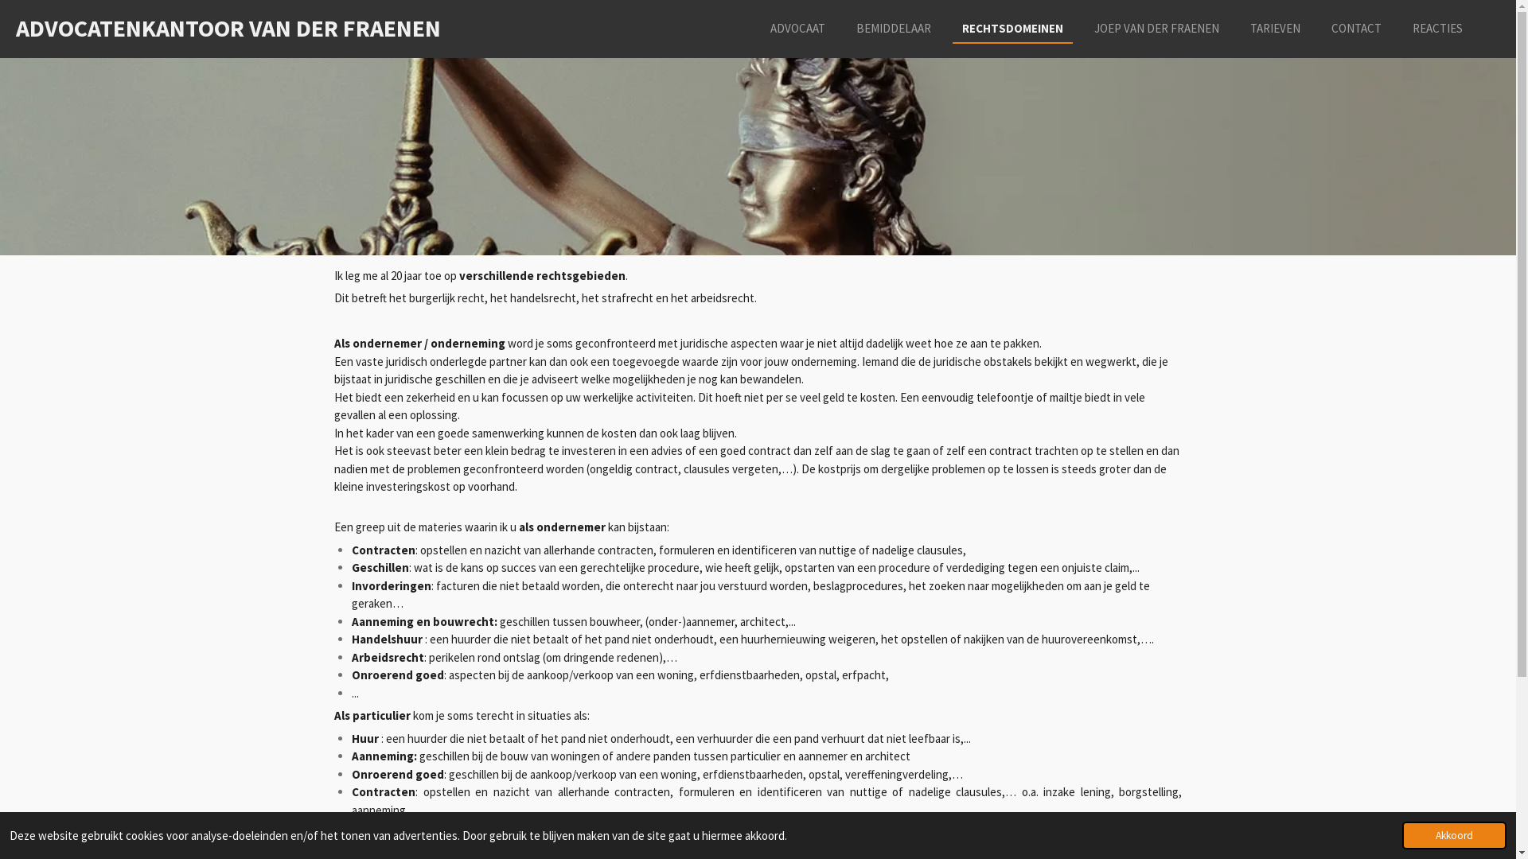 Image resolution: width=1528 pixels, height=859 pixels. Describe the element at coordinates (1156, 29) in the screenshot. I see `'JOEP VAN DER FRAENEN'` at that location.